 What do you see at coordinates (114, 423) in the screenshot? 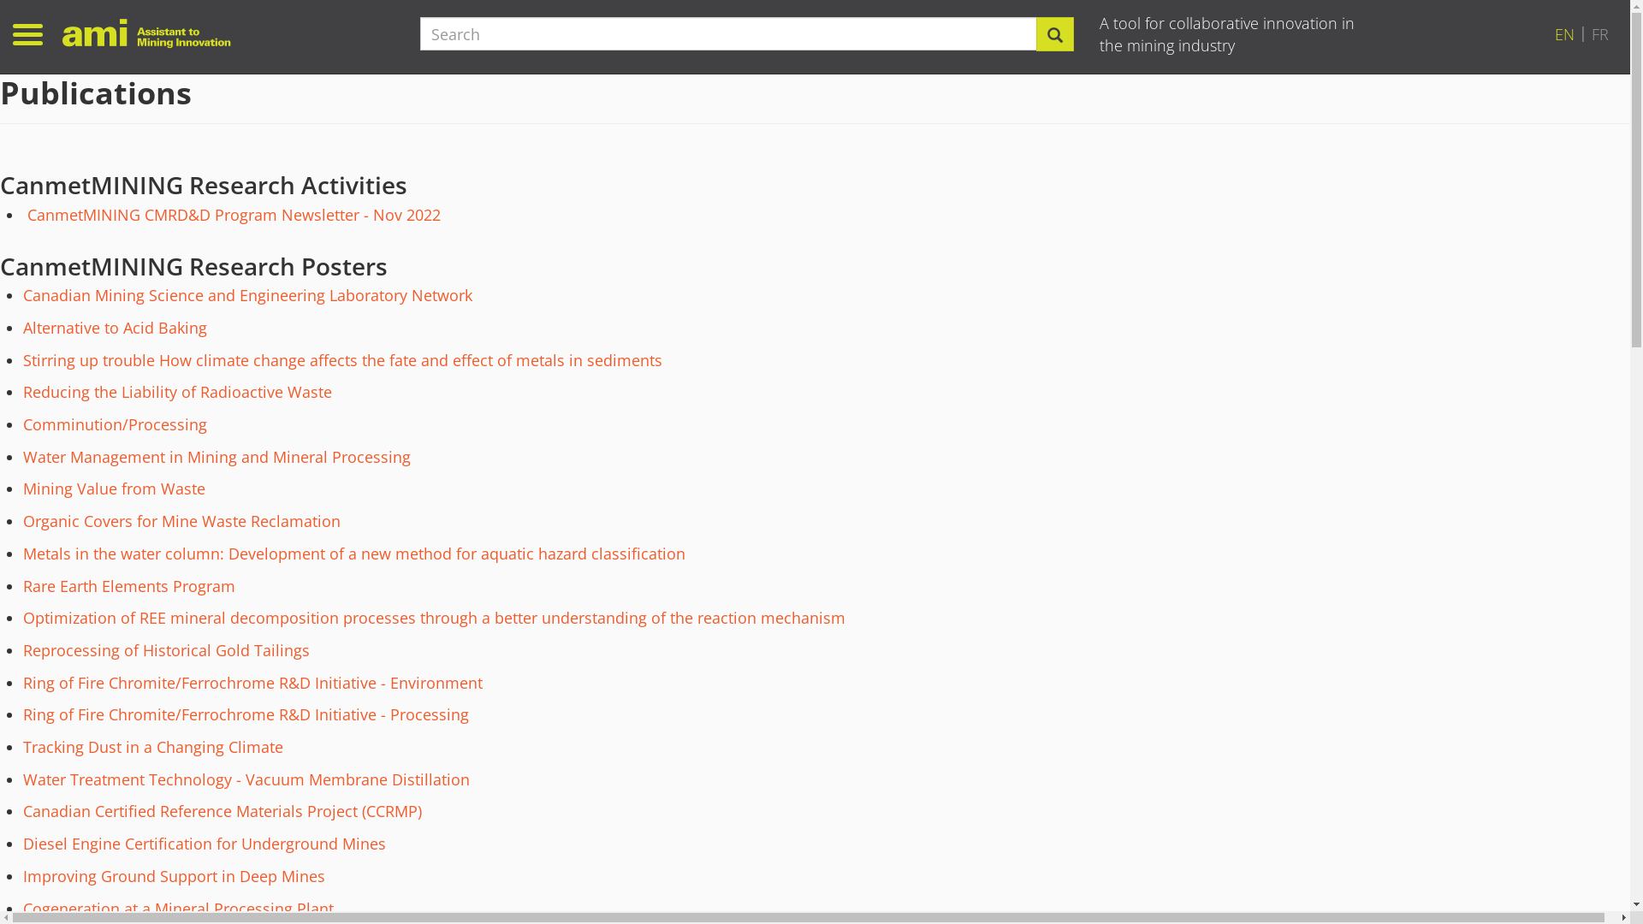
I see `'Comminution/Processing'` at bounding box center [114, 423].